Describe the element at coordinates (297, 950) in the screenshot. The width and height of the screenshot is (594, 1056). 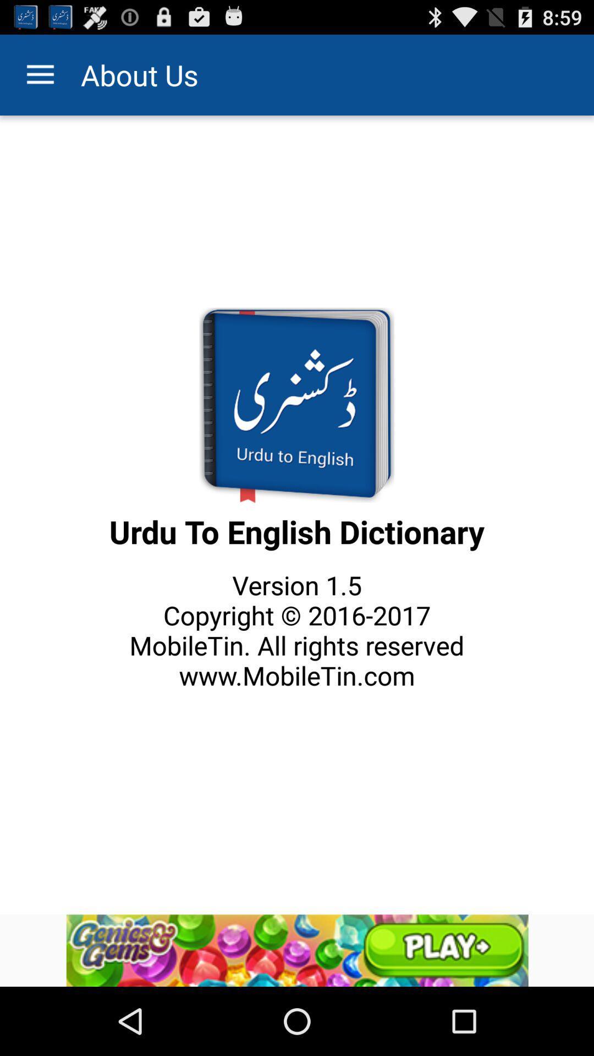
I see `advertisement` at that location.